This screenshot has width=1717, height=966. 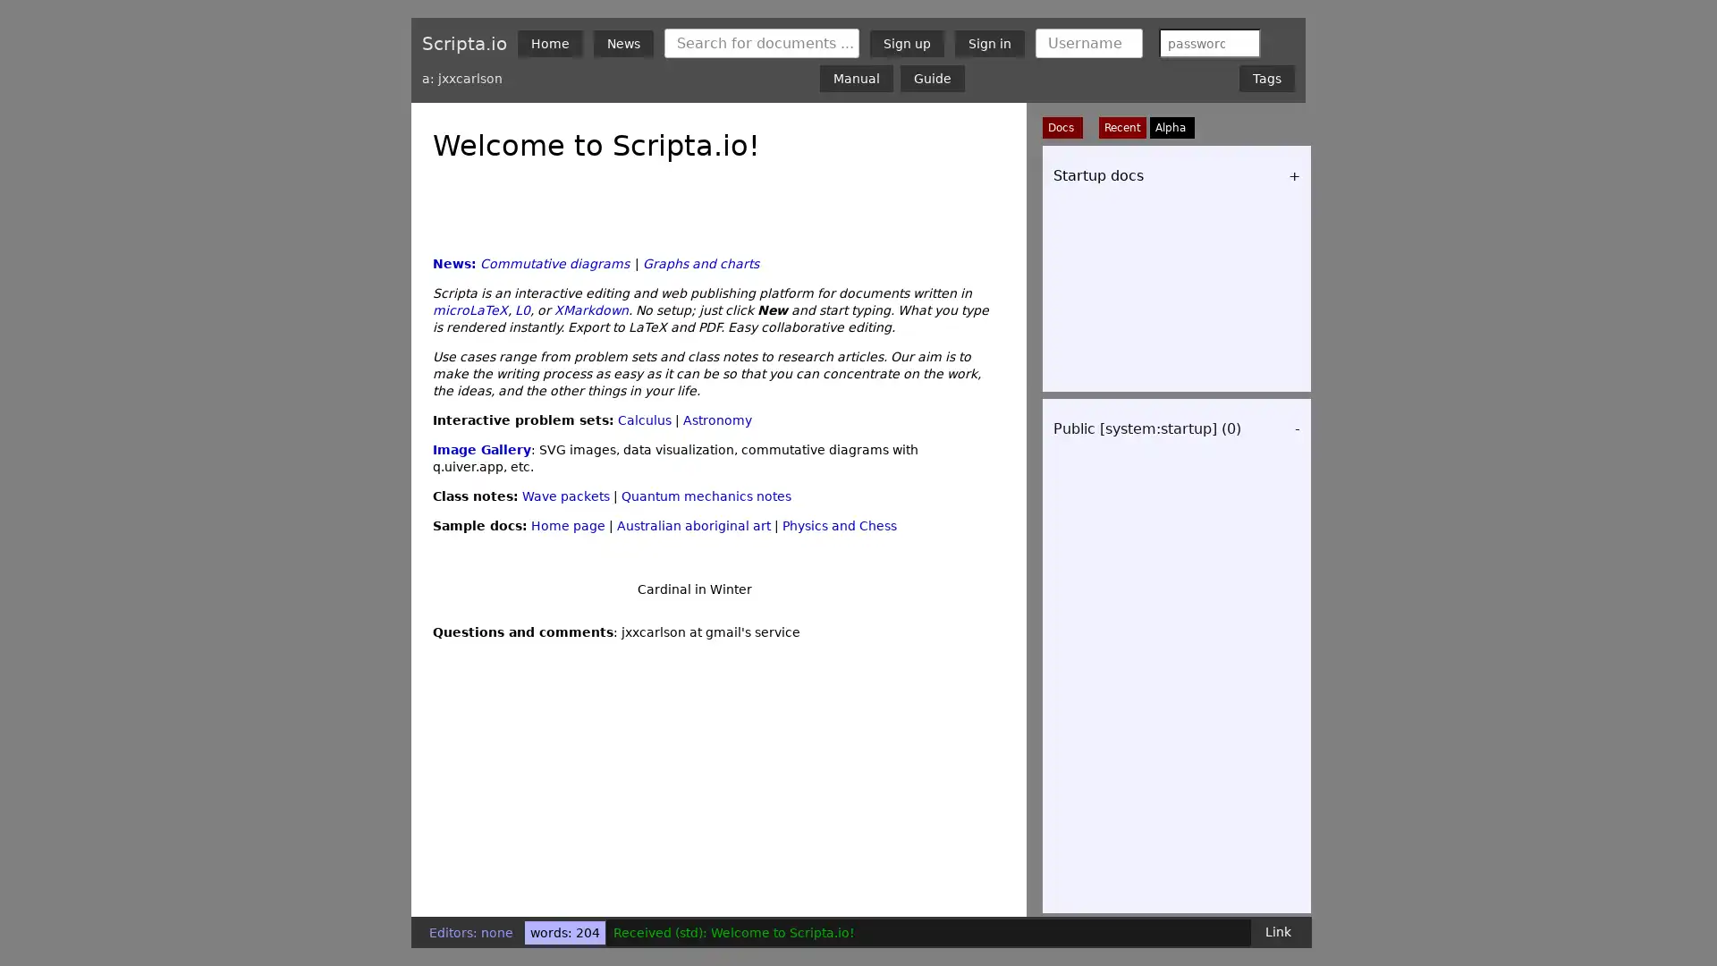 I want to click on Guide Cheat sheet for the current markup language, so click(x=931, y=78).